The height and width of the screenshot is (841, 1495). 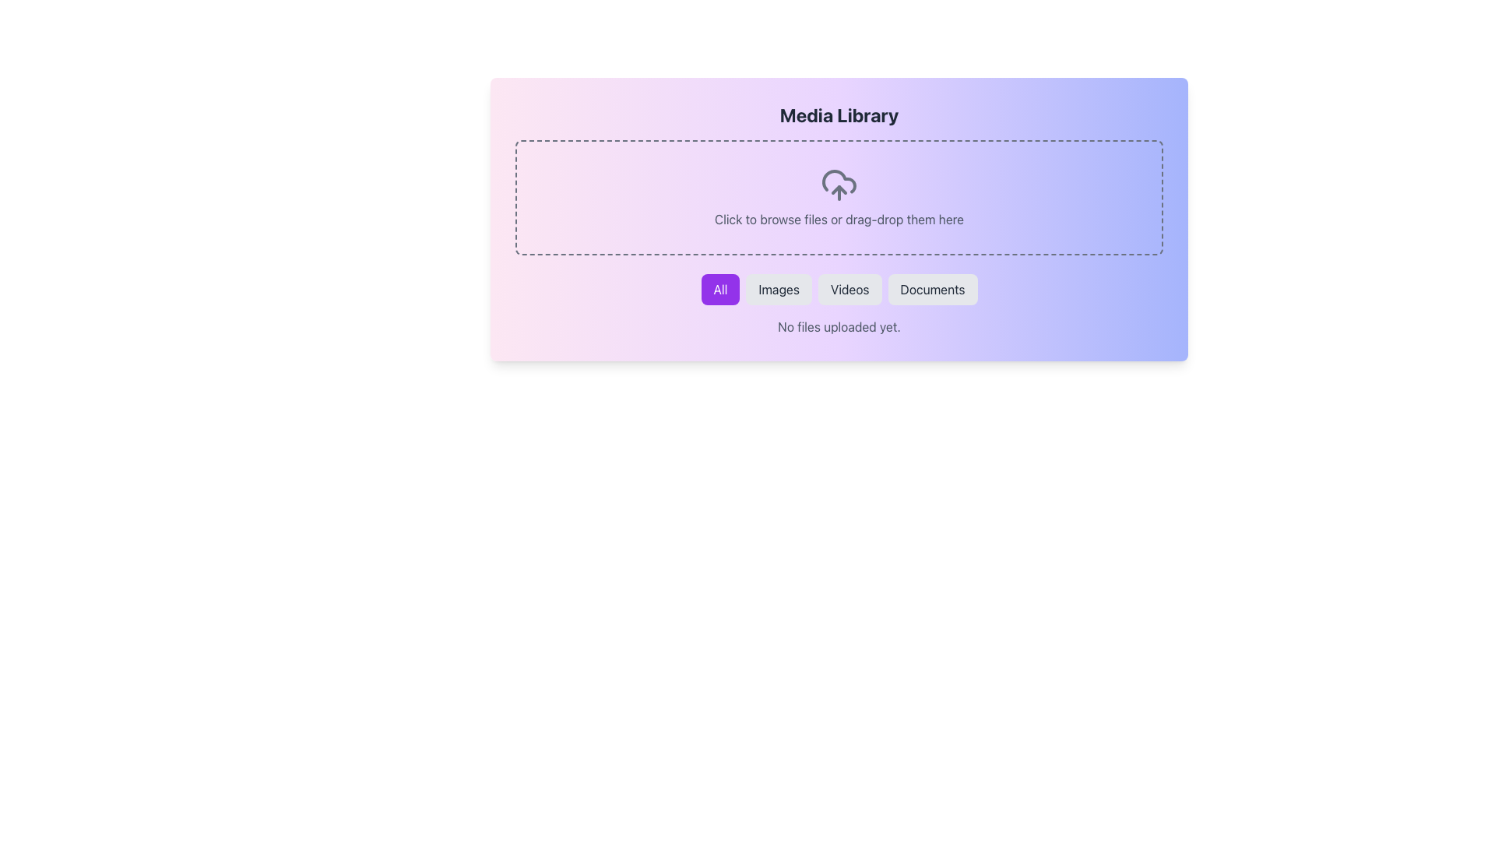 What do you see at coordinates (849, 289) in the screenshot?
I see `the 'Videos' button, which is a rounded rectangular button with a light-gray background and black text, located in the horizontal group of media buttons below the 'Media Library' title` at bounding box center [849, 289].